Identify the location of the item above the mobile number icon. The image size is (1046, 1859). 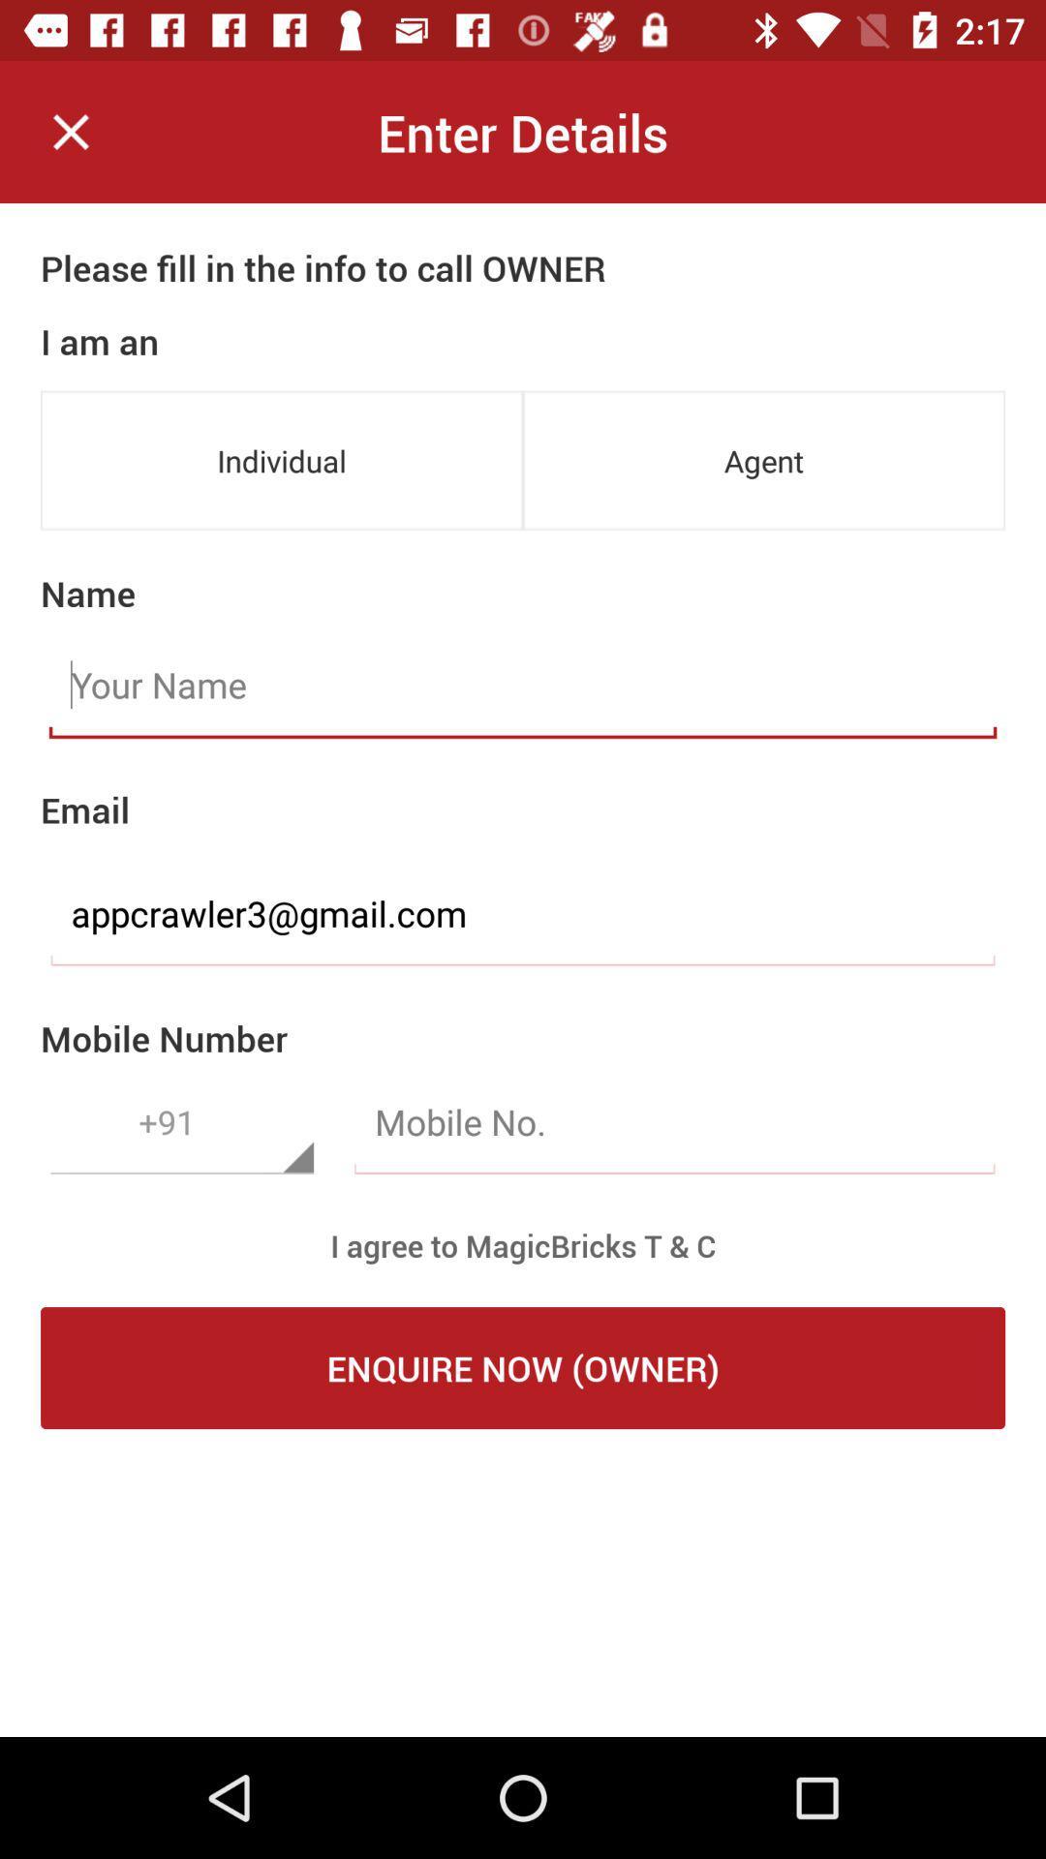
(523, 914).